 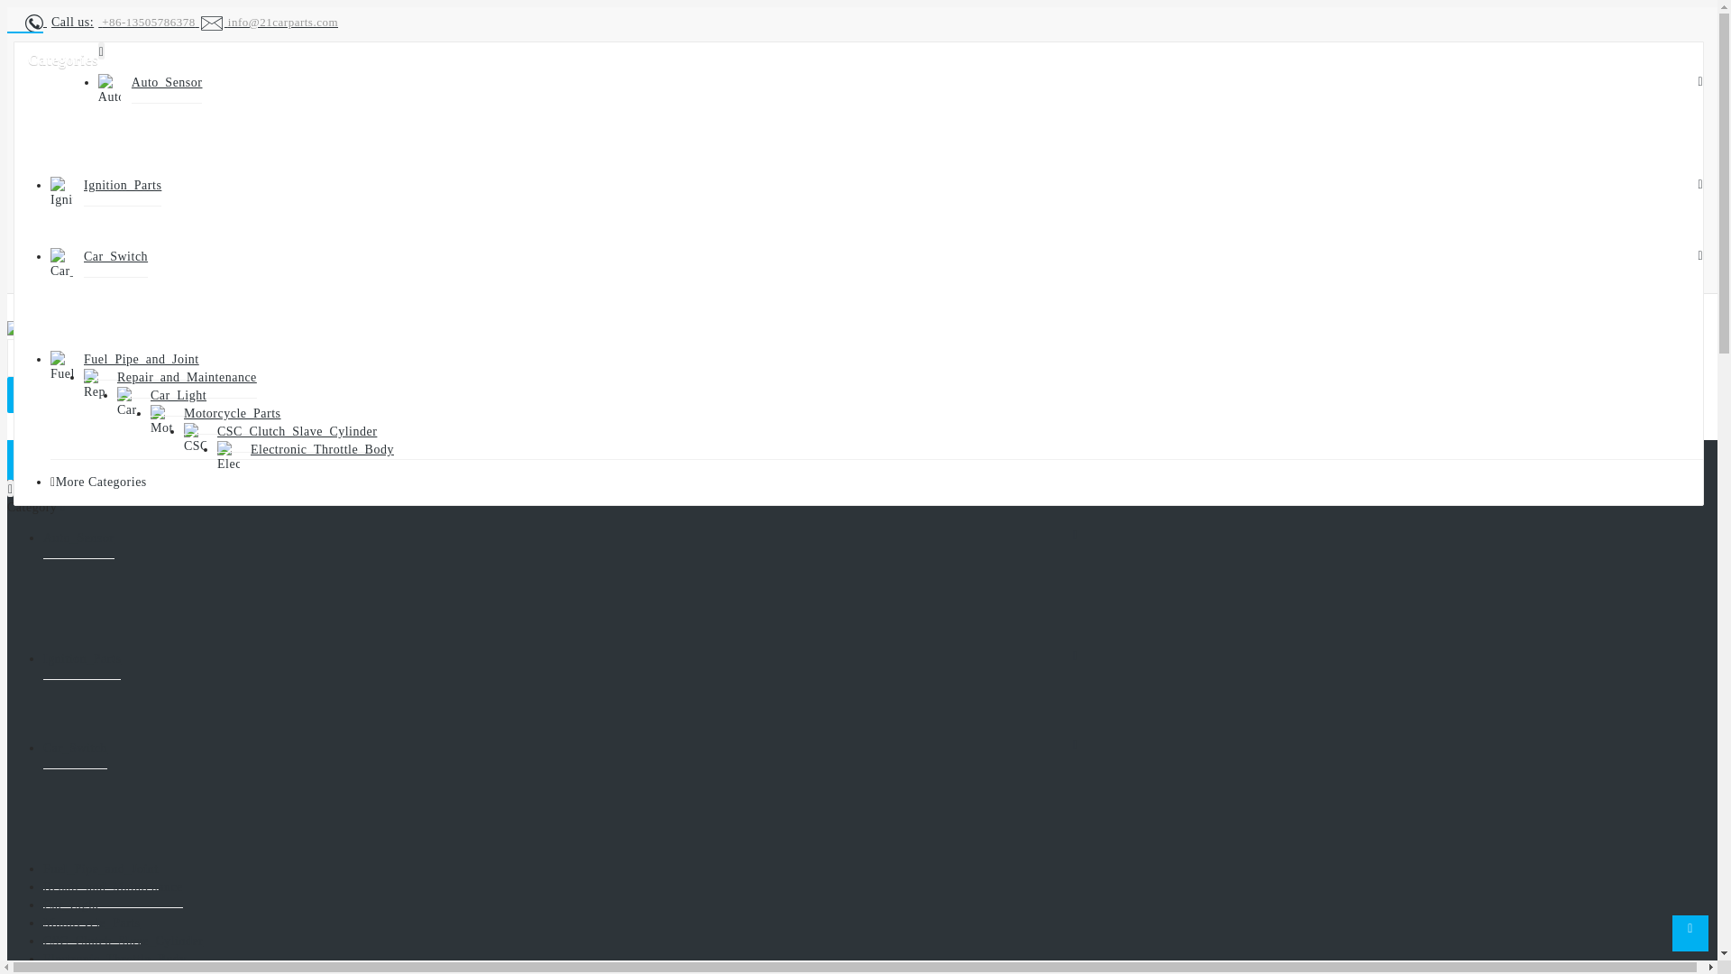 I want to click on 'CSC_Clutch_Slave_Cylinder', so click(x=122, y=941).